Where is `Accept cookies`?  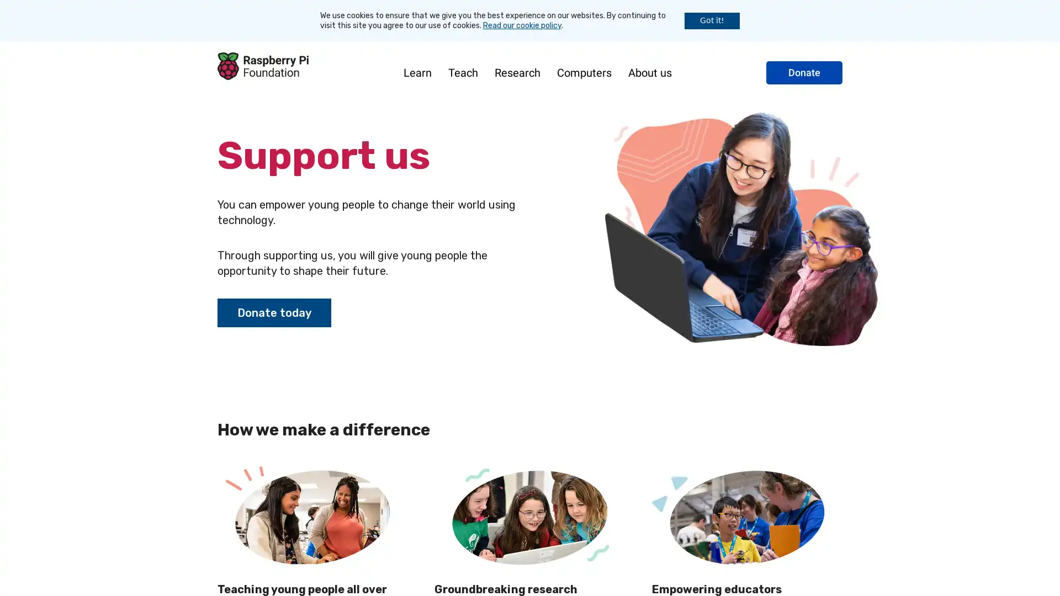 Accept cookies is located at coordinates (712, 20).